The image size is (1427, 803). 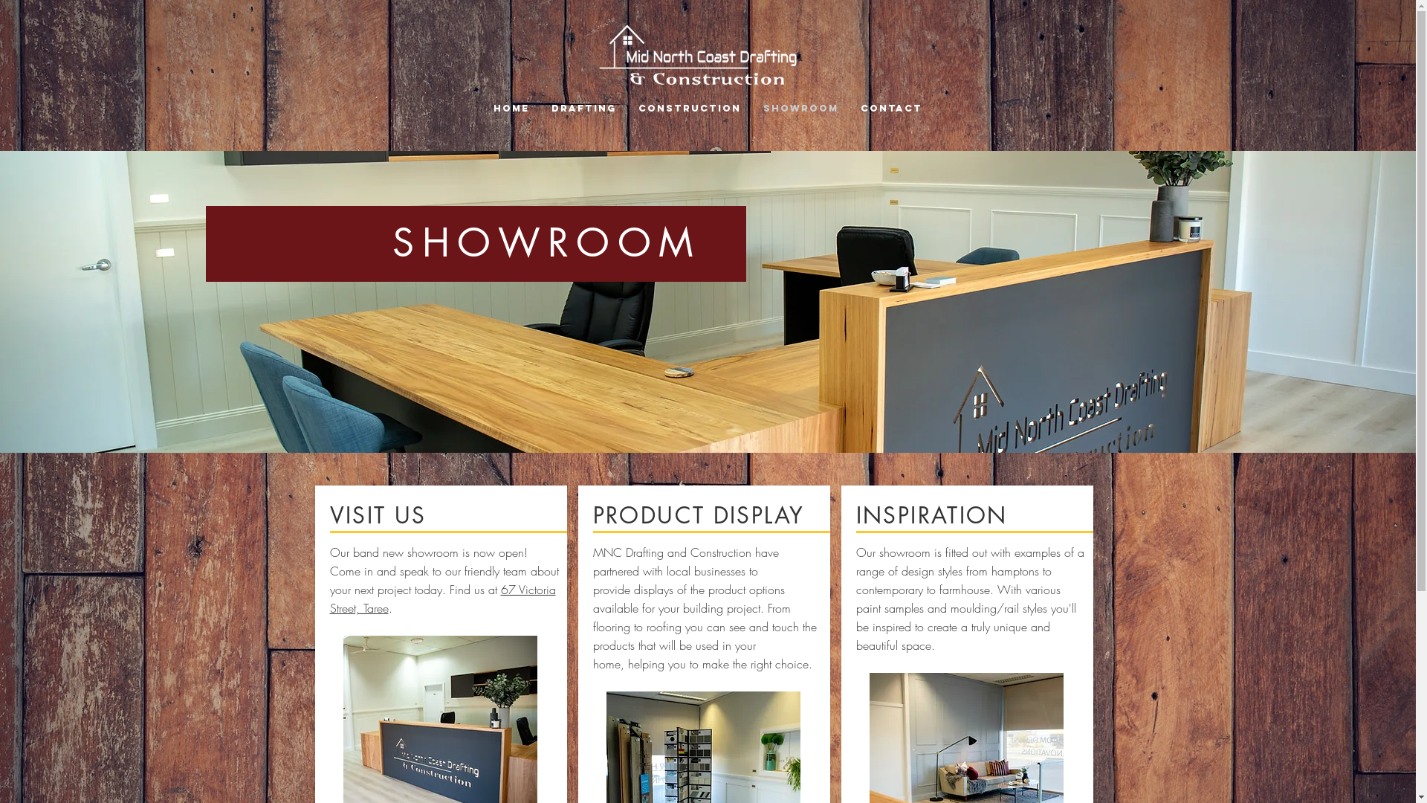 I want to click on 'CONTACT', so click(x=891, y=106).